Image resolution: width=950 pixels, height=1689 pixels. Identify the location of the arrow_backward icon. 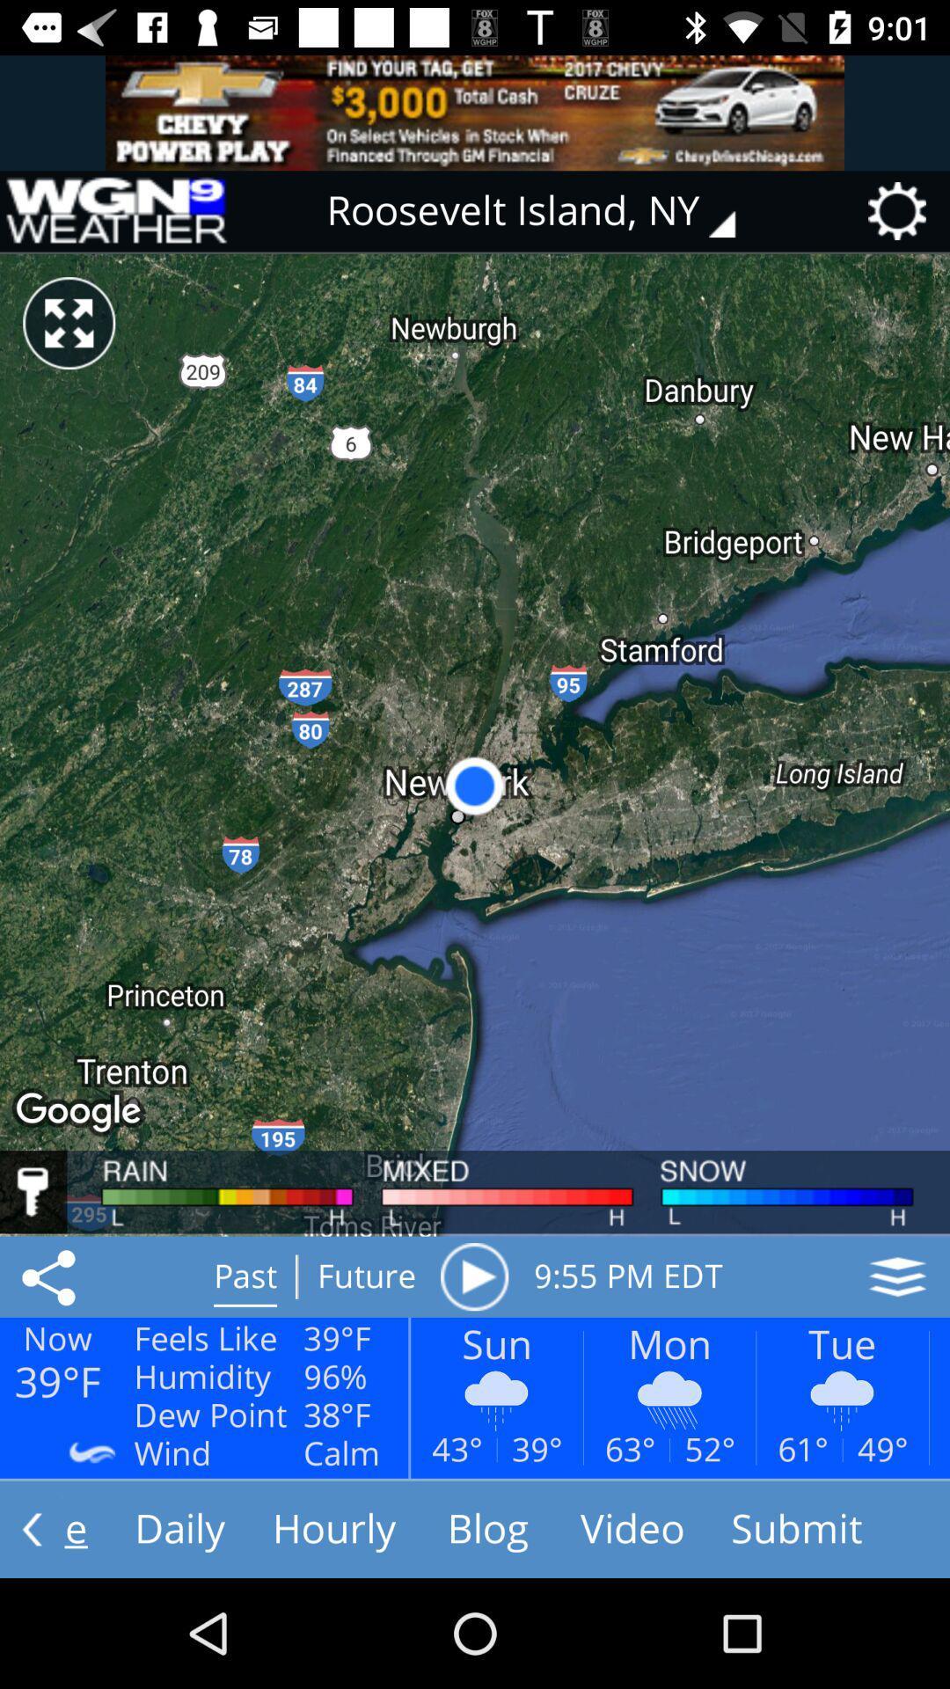
(32, 1528).